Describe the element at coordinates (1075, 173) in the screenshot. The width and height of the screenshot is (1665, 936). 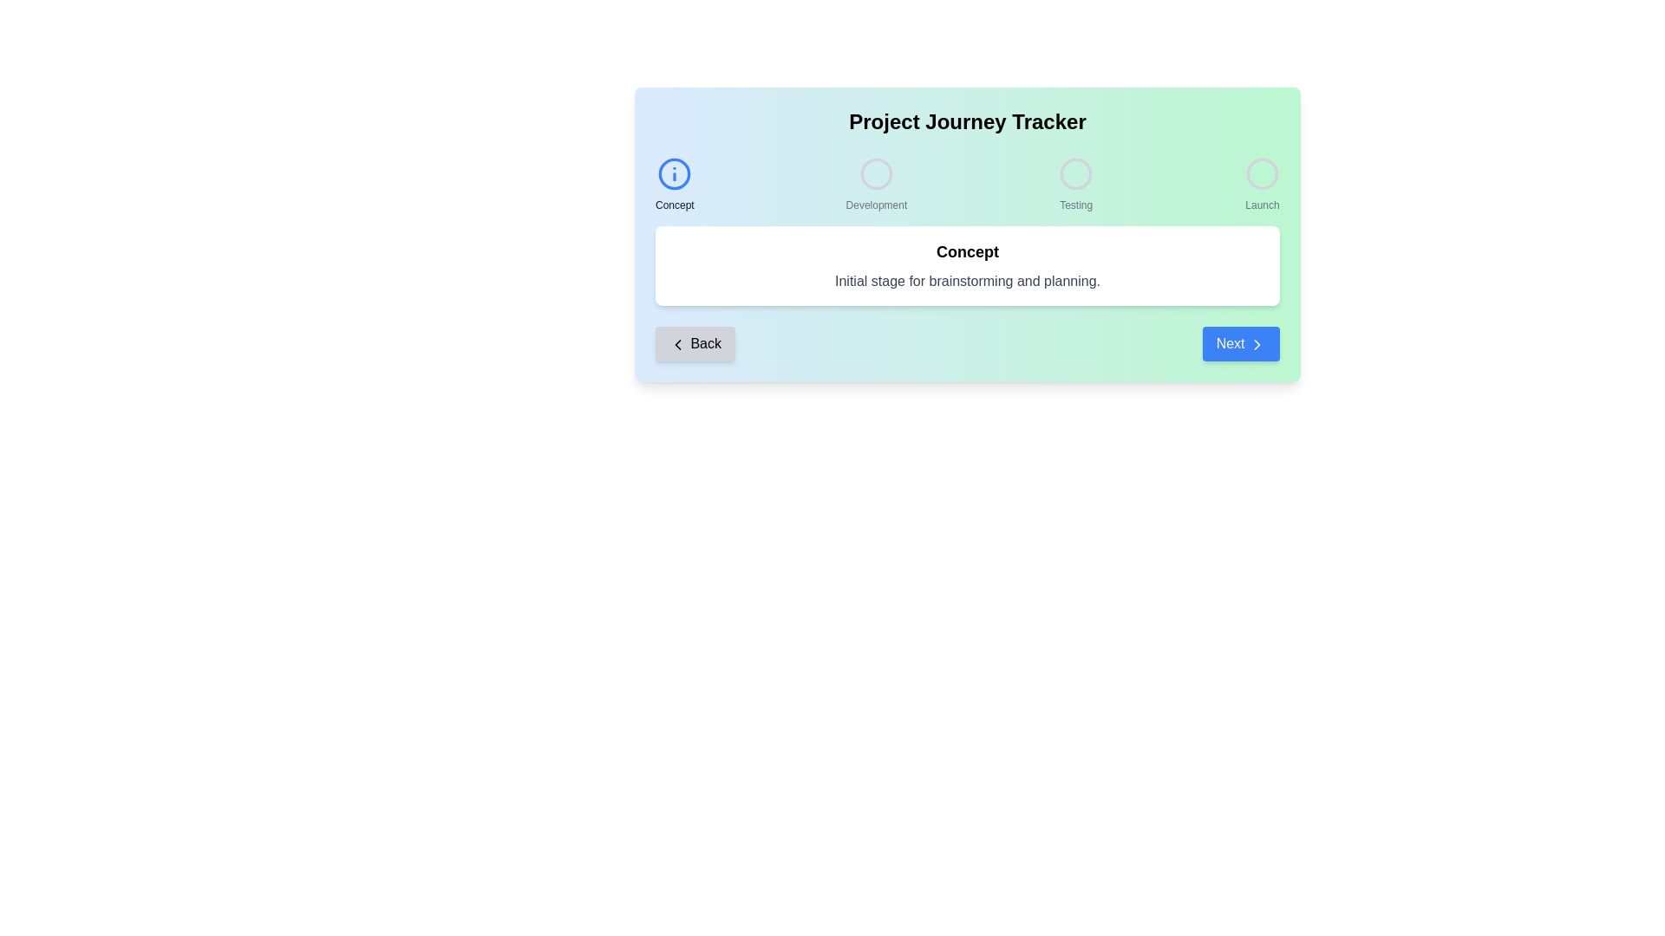
I see `the state of the circular progress indicator located above the 'Testing' label in the Project Journey Tracker interface, which is the third step in the sequence of four` at that location.